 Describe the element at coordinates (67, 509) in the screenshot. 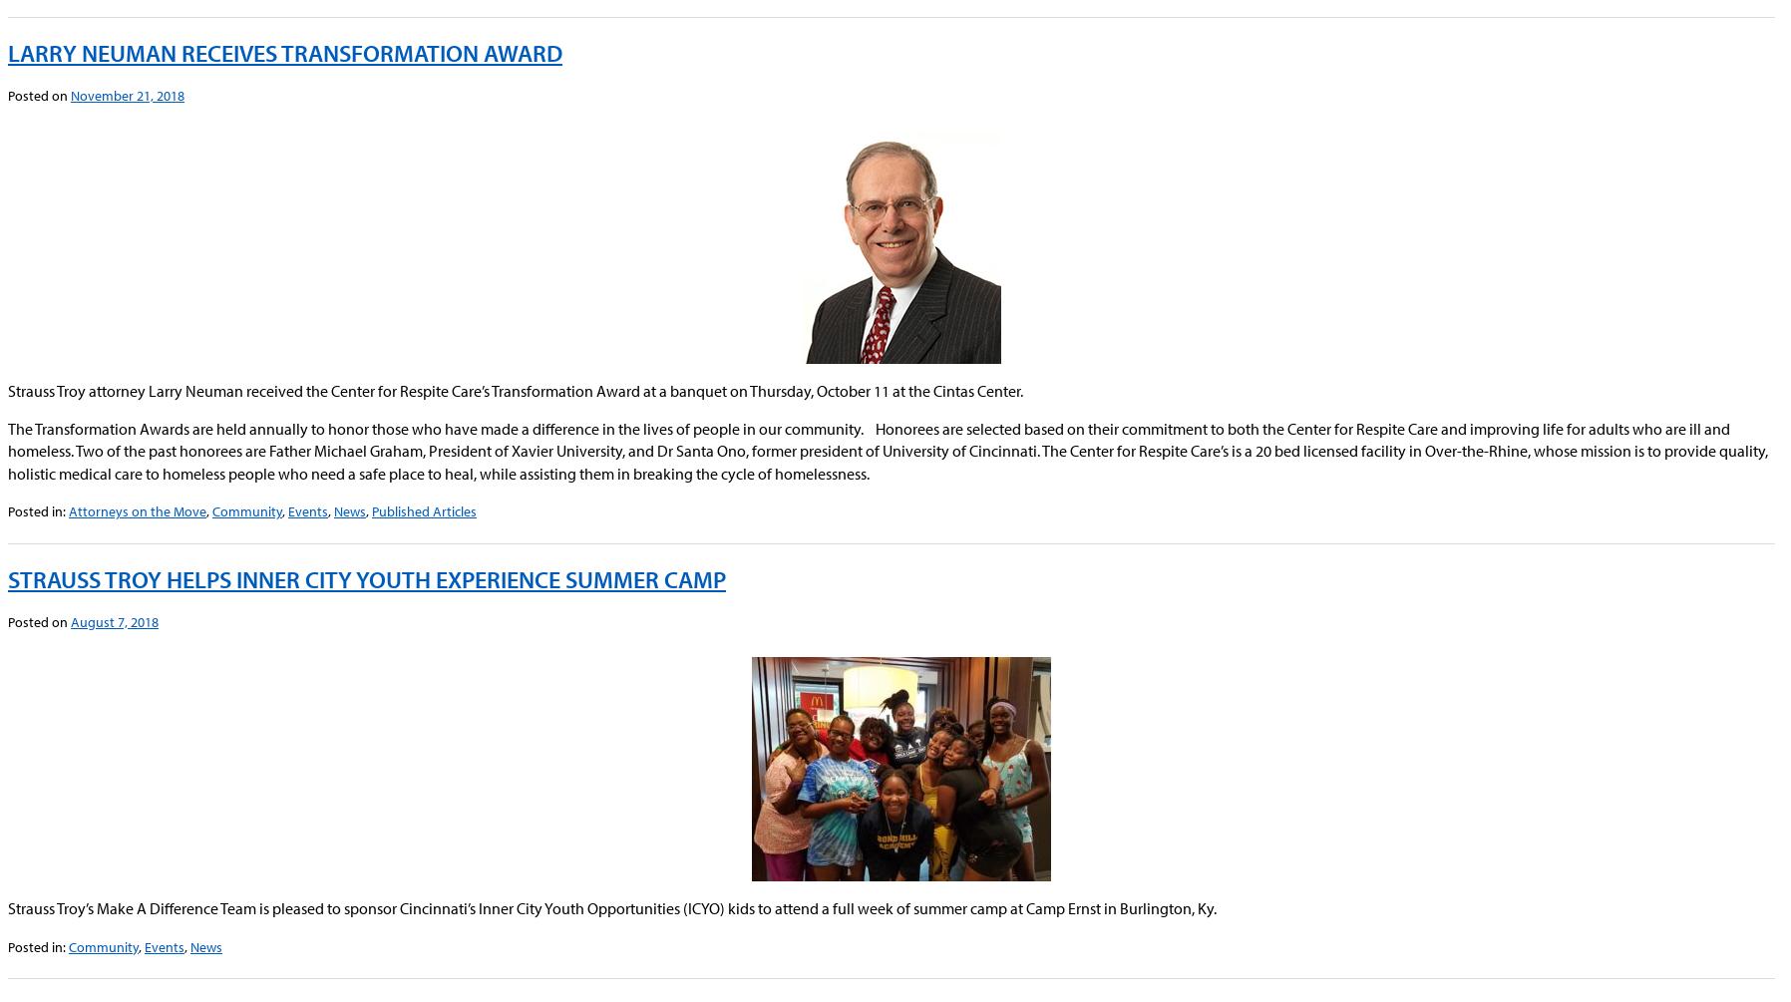

I see `'Attorneys on the Move'` at that location.